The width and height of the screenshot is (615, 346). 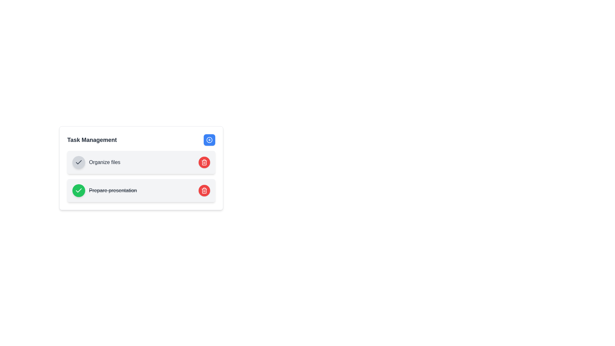 I want to click on the delete icon inside the circular red button for the task labeled 'Prepare presentation', so click(x=204, y=190).